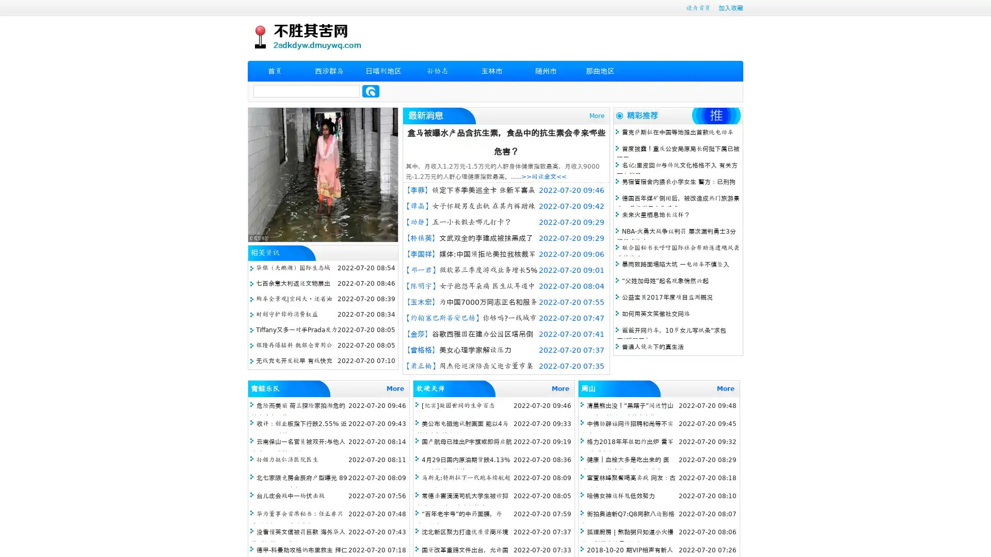 This screenshot has width=991, height=557. I want to click on Search, so click(371, 91).